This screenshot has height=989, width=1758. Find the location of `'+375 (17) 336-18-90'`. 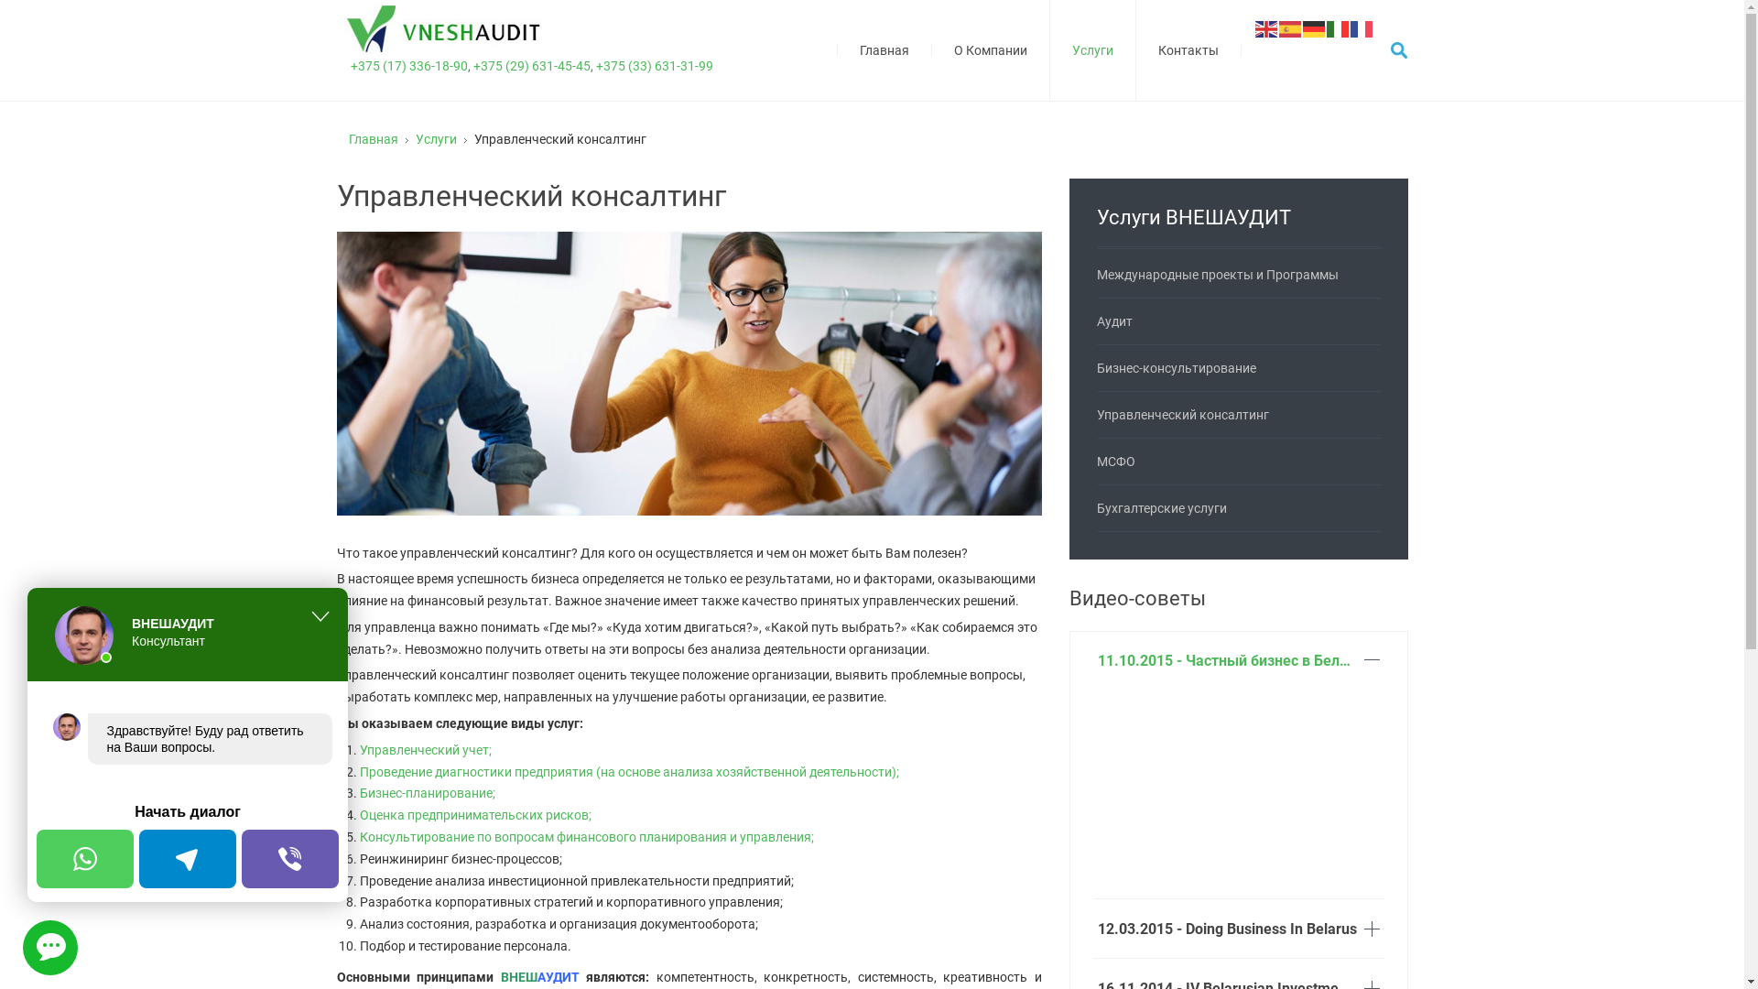

'+375 (17) 336-18-90' is located at coordinates (350, 65).